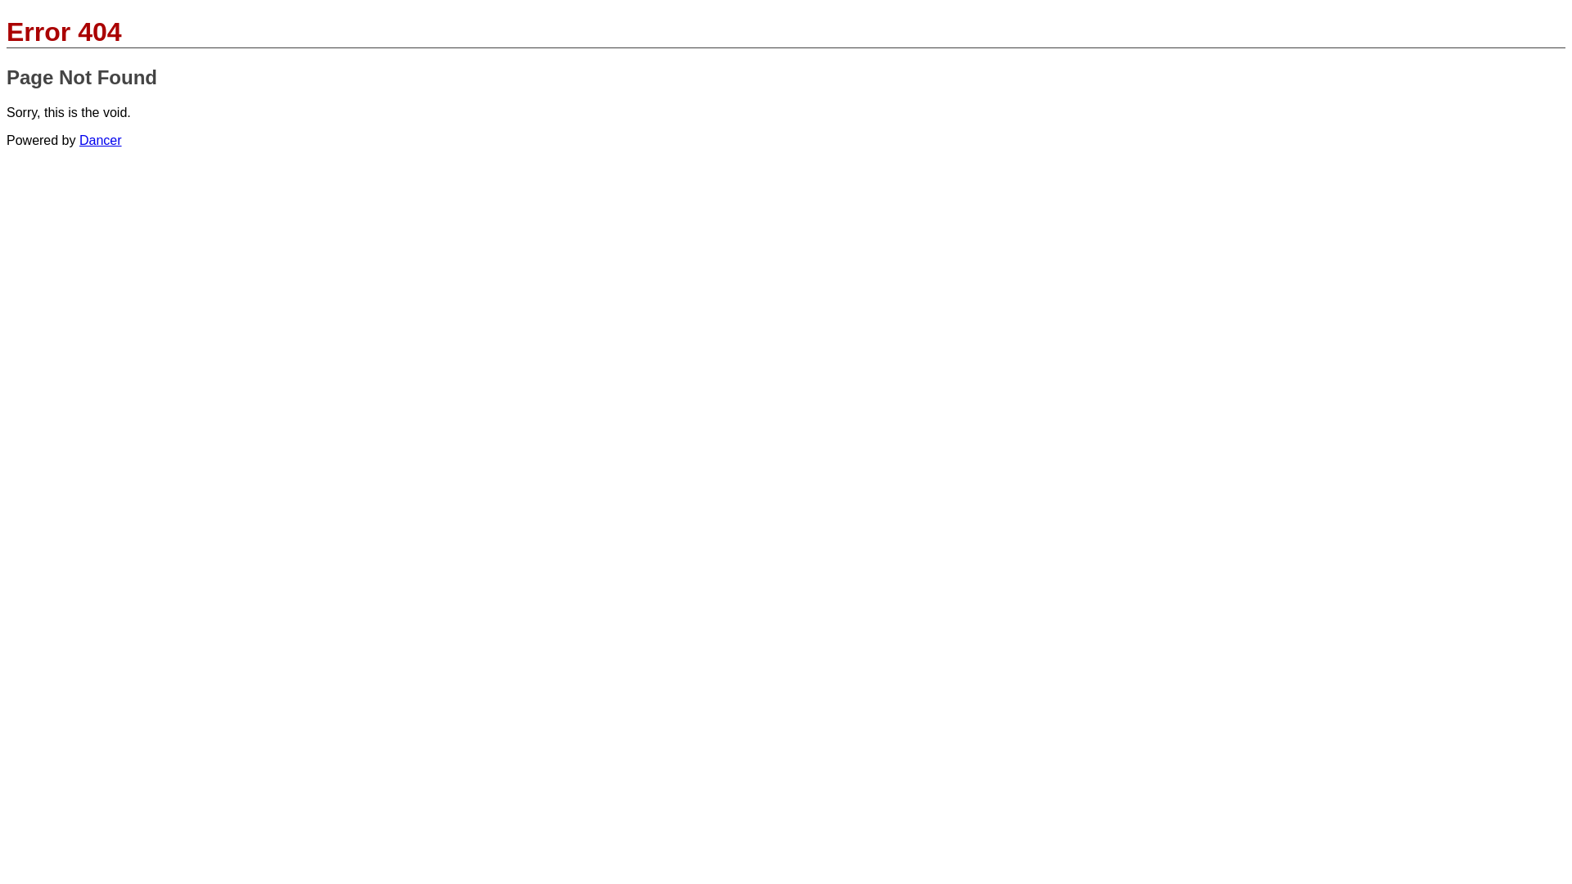 This screenshot has height=884, width=1572. Describe the element at coordinates (78, 139) in the screenshot. I see `'Dancer'` at that location.